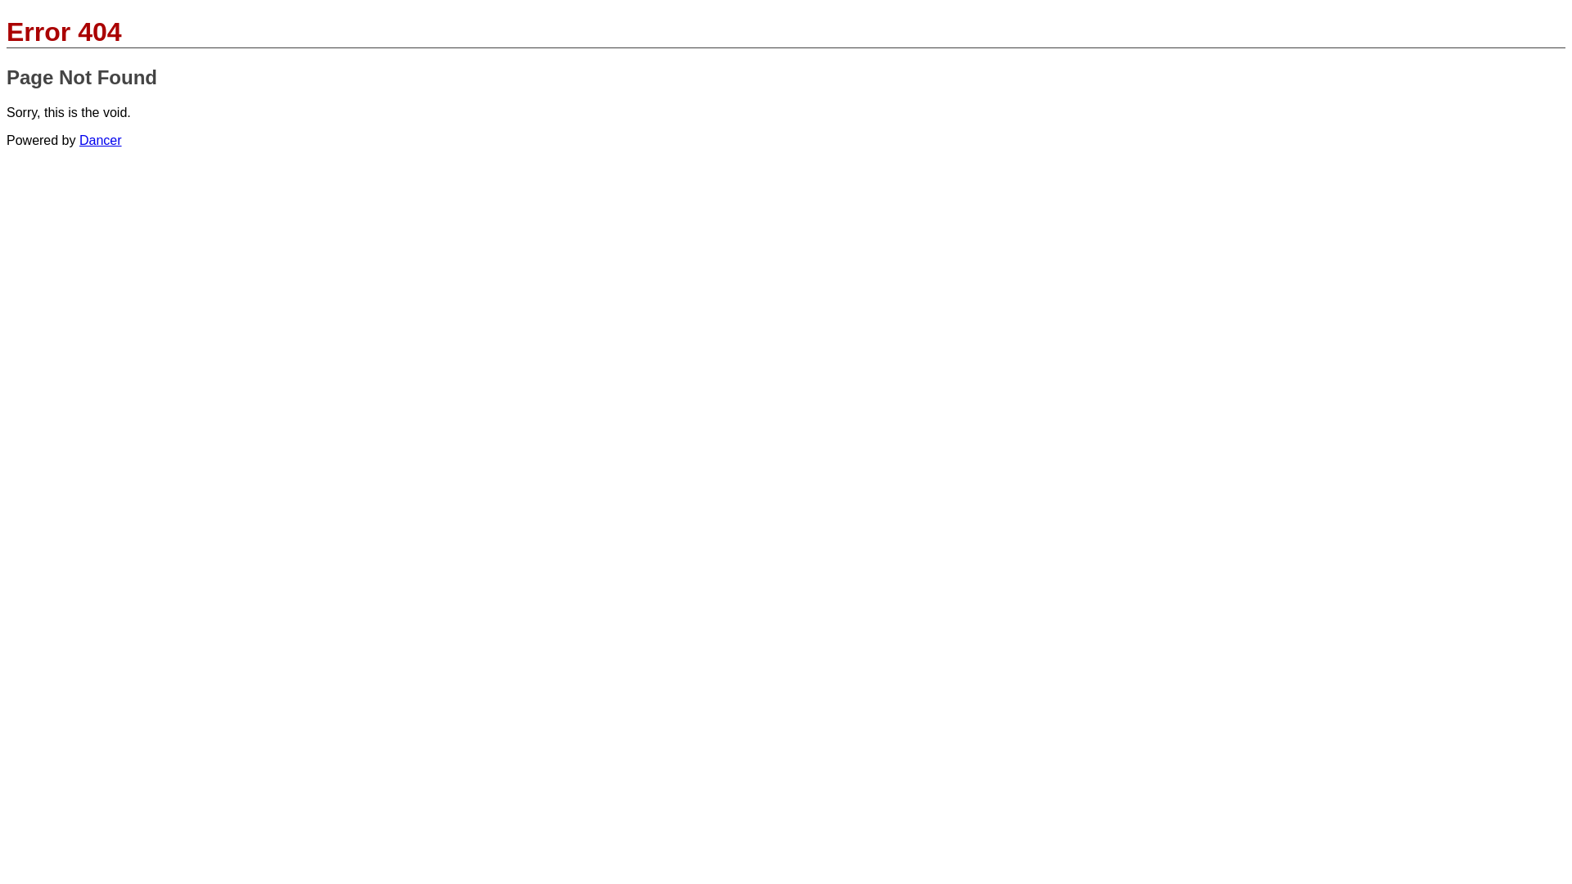 This screenshot has height=884, width=1572. Describe the element at coordinates (78, 139) in the screenshot. I see `'Dancer'` at that location.